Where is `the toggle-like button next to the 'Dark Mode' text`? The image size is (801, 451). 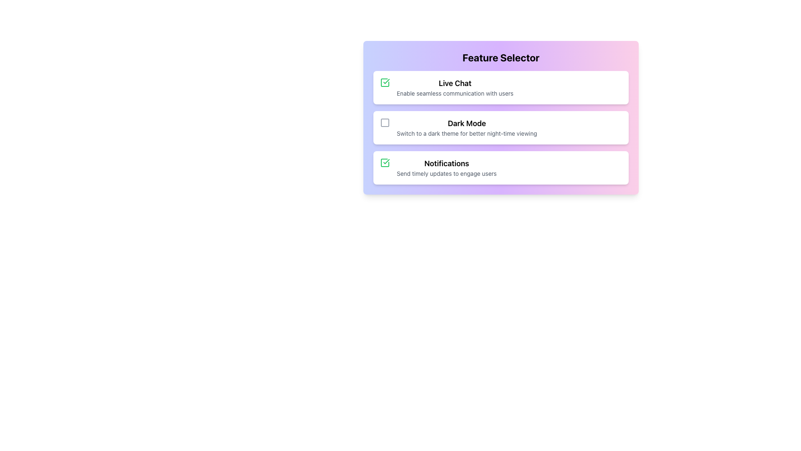
the toggle-like button next to the 'Dark Mode' text is located at coordinates (384, 122).